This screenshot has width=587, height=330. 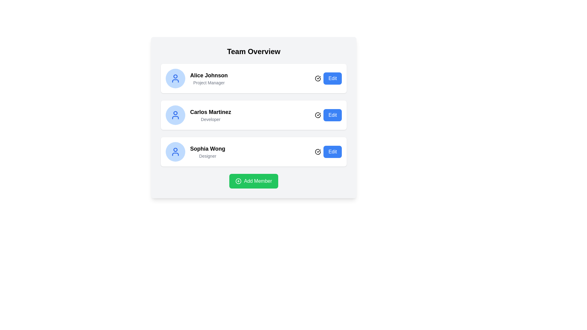 What do you see at coordinates (254, 181) in the screenshot?
I see `the button for adding a new team member` at bounding box center [254, 181].